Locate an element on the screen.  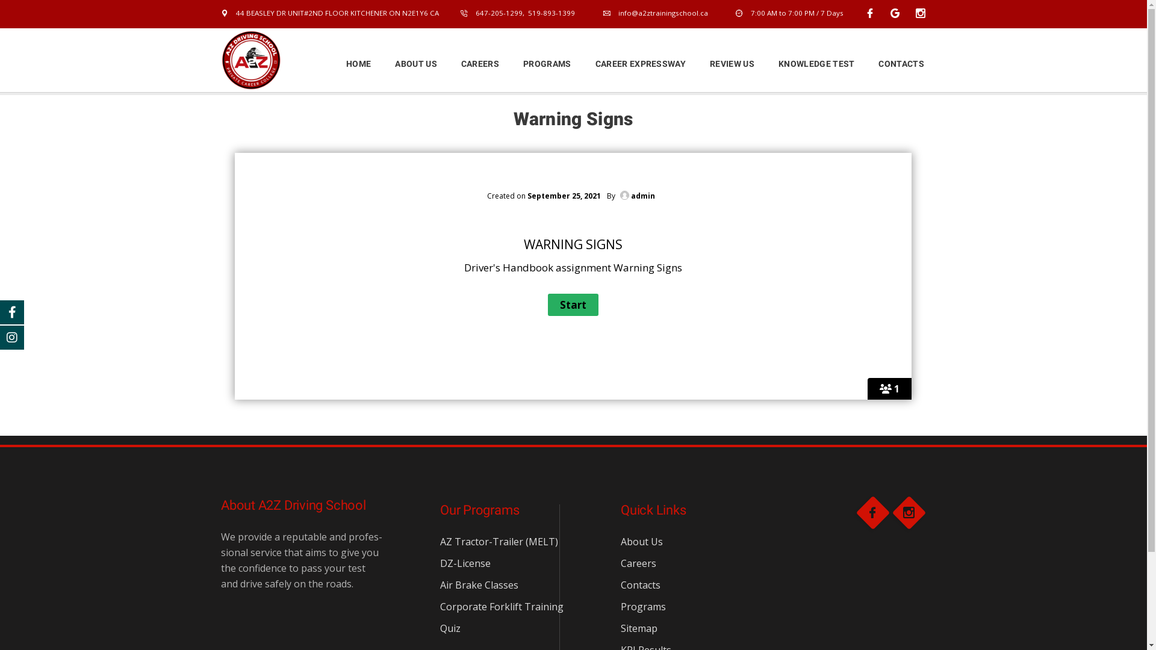
'ABOUT US' is located at coordinates (382, 63).